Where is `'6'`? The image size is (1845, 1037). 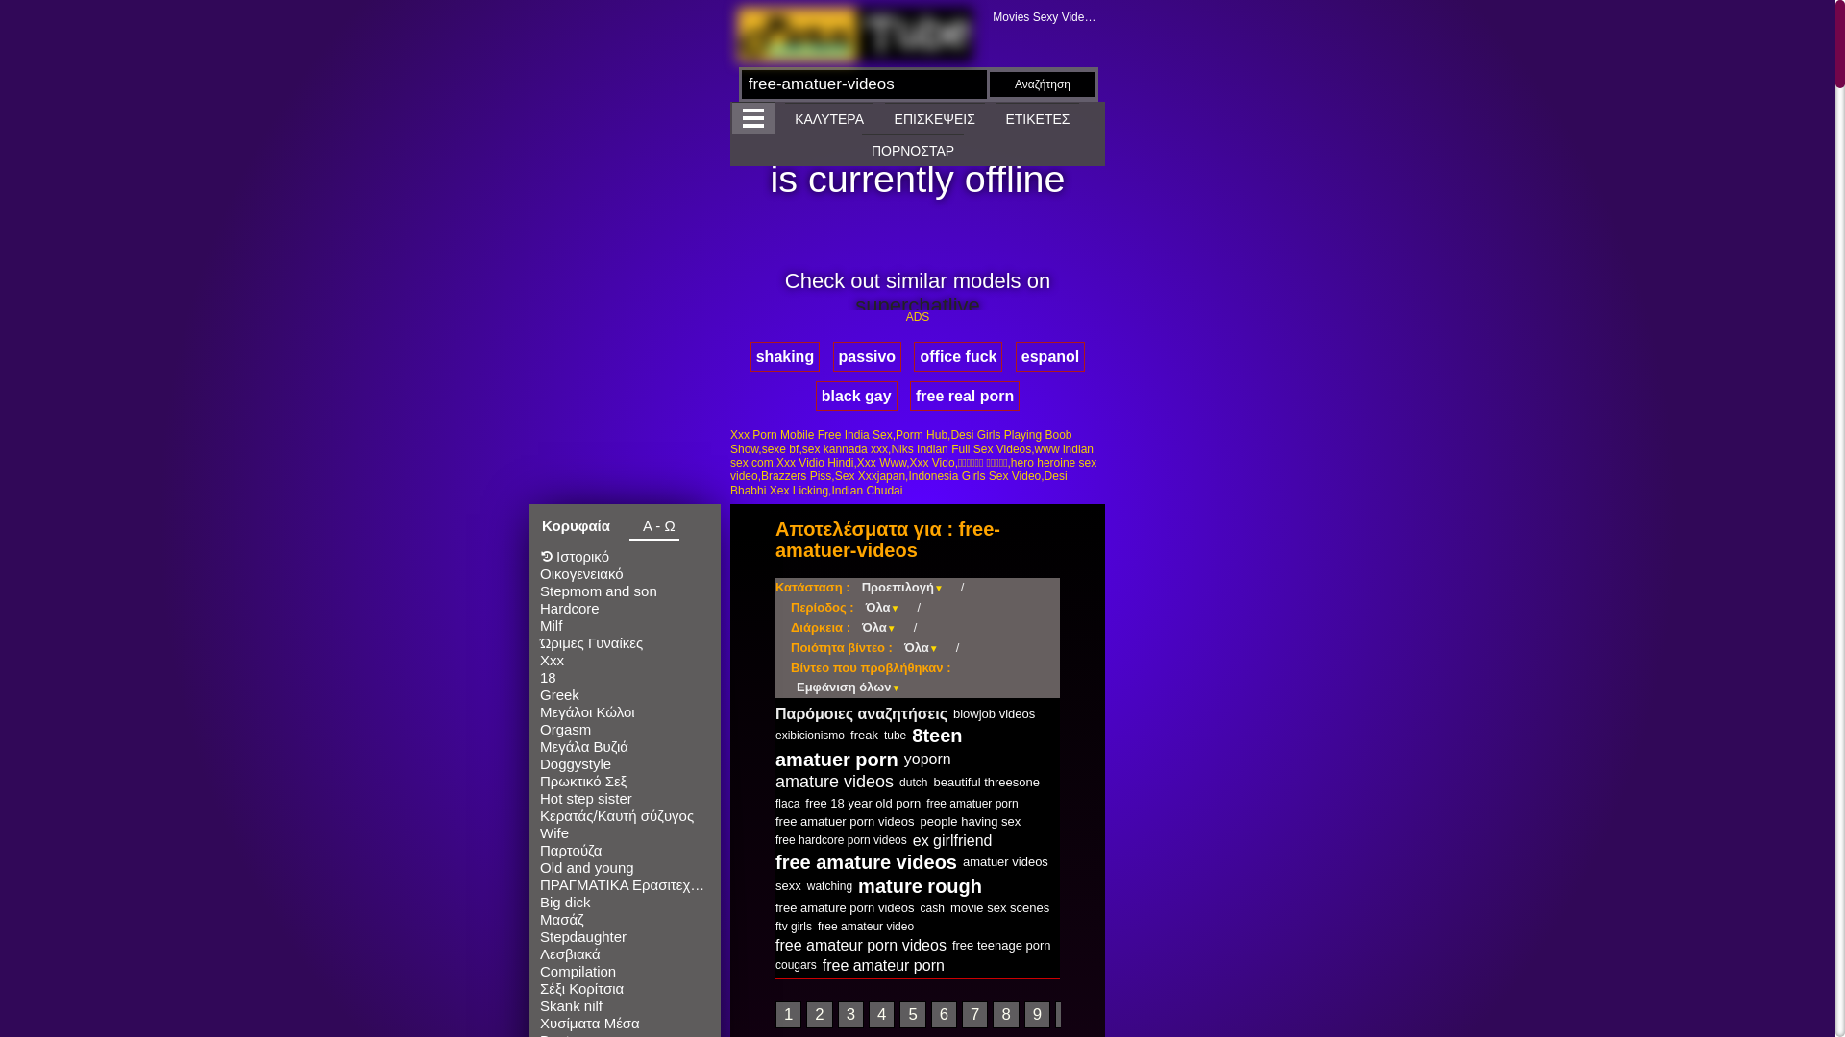
'6' is located at coordinates (931, 1013).